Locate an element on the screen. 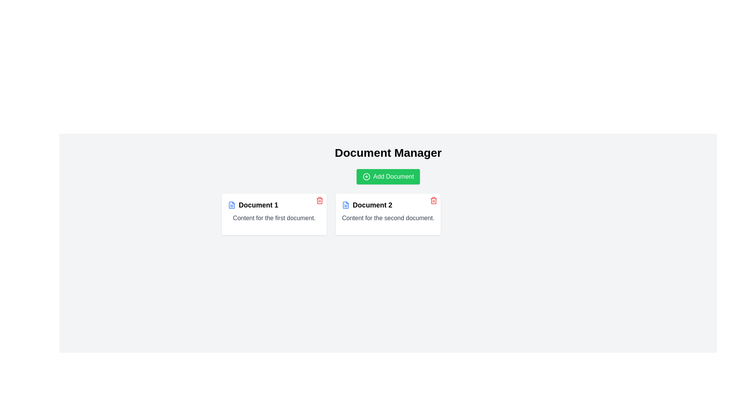  the Text label in the top-left corner of the first card to visually identify and focus on the document is located at coordinates (258, 204).